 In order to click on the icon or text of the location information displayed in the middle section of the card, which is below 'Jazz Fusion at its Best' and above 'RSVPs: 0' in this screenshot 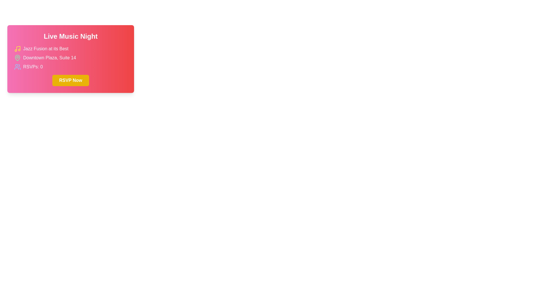, I will do `click(70, 58)`.